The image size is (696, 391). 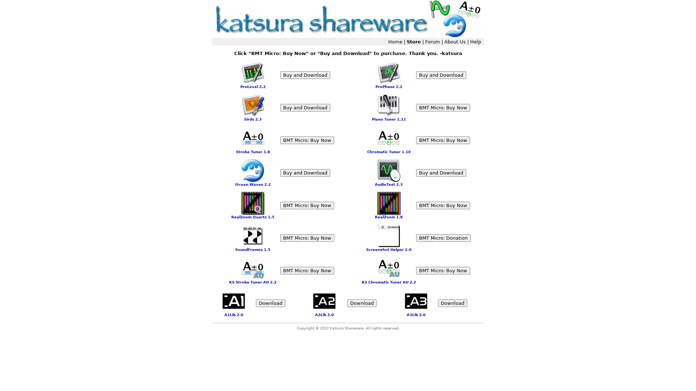 I want to click on BMT Micro: Buy Now, so click(x=442, y=205).